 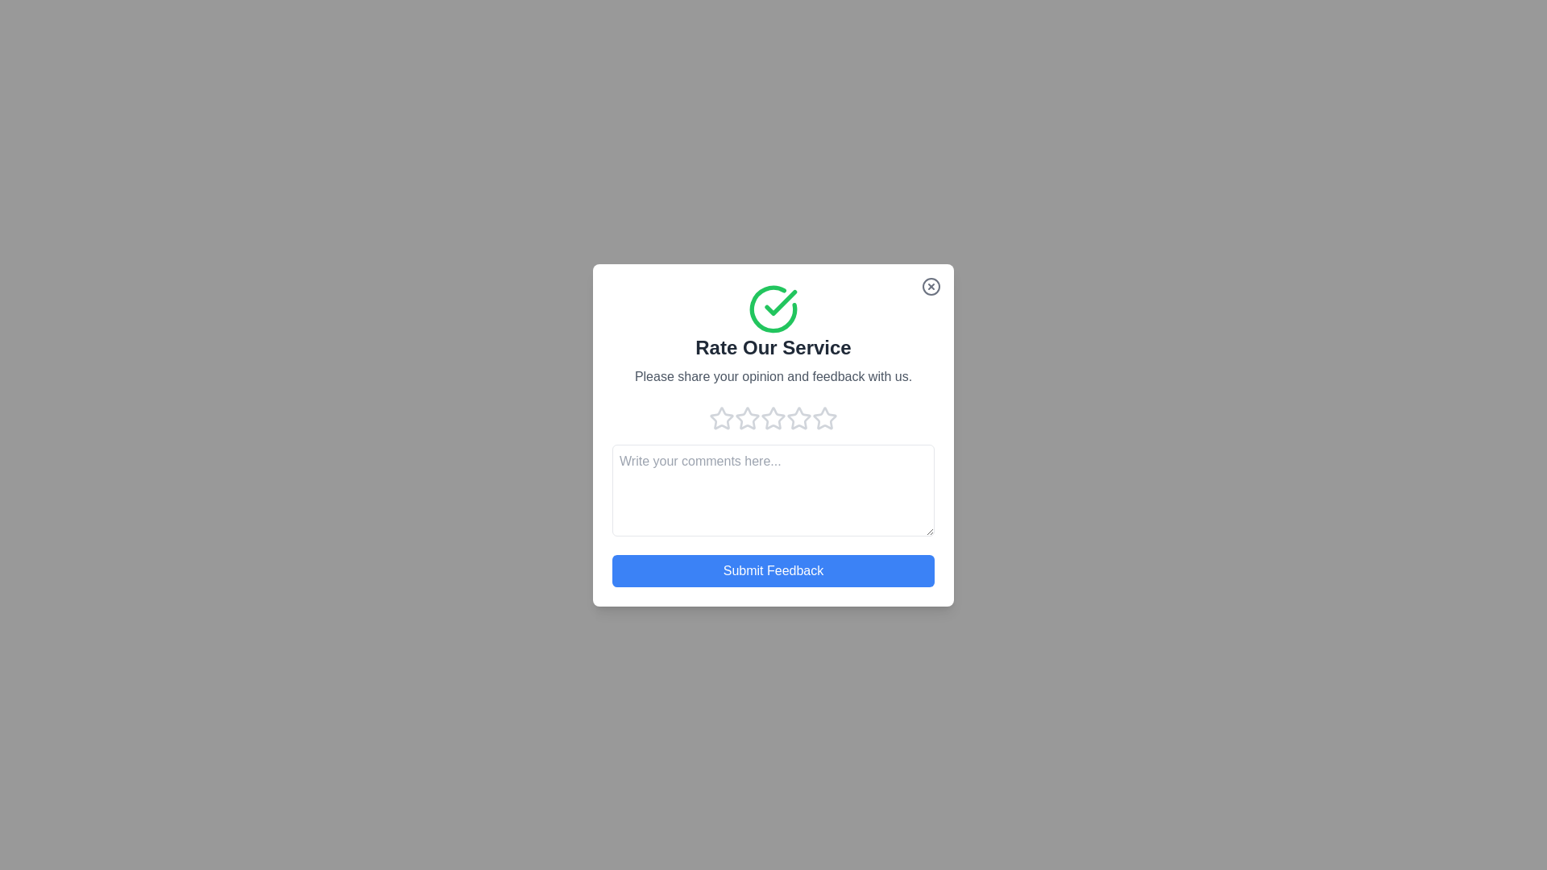 I want to click on the rating to 2 stars by clicking on the corresponding star, so click(x=746, y=417).